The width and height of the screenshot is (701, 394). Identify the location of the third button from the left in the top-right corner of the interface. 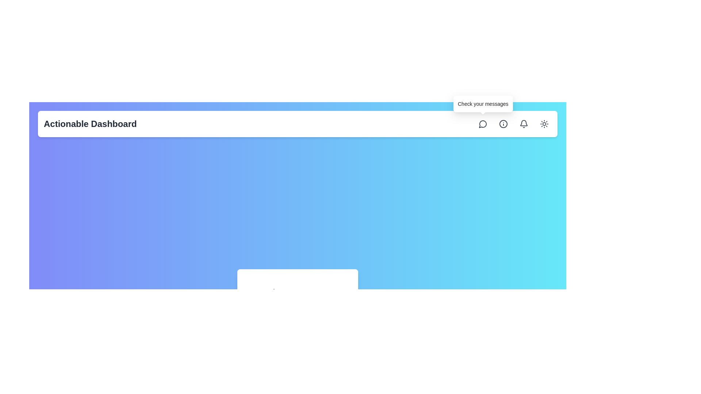
(503, 123).